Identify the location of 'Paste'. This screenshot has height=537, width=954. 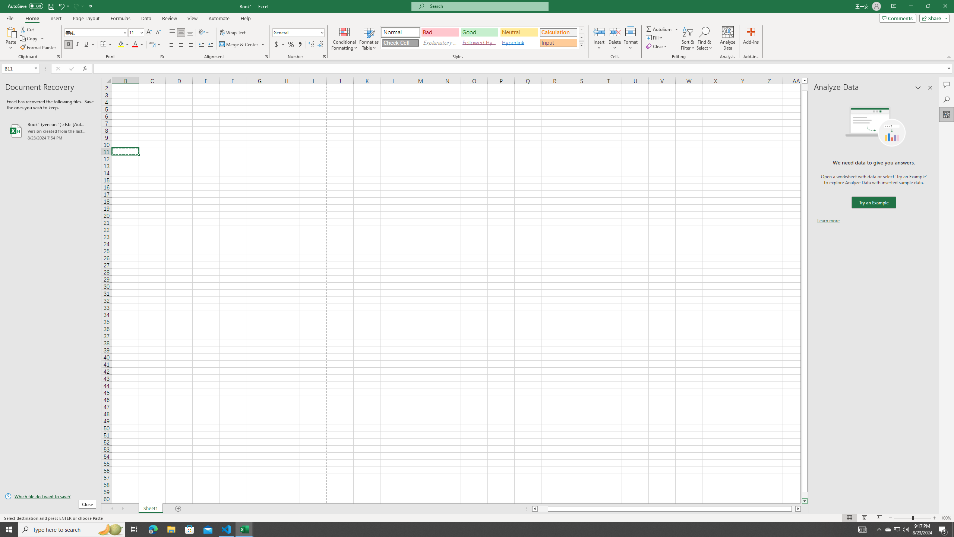
(10, 31).